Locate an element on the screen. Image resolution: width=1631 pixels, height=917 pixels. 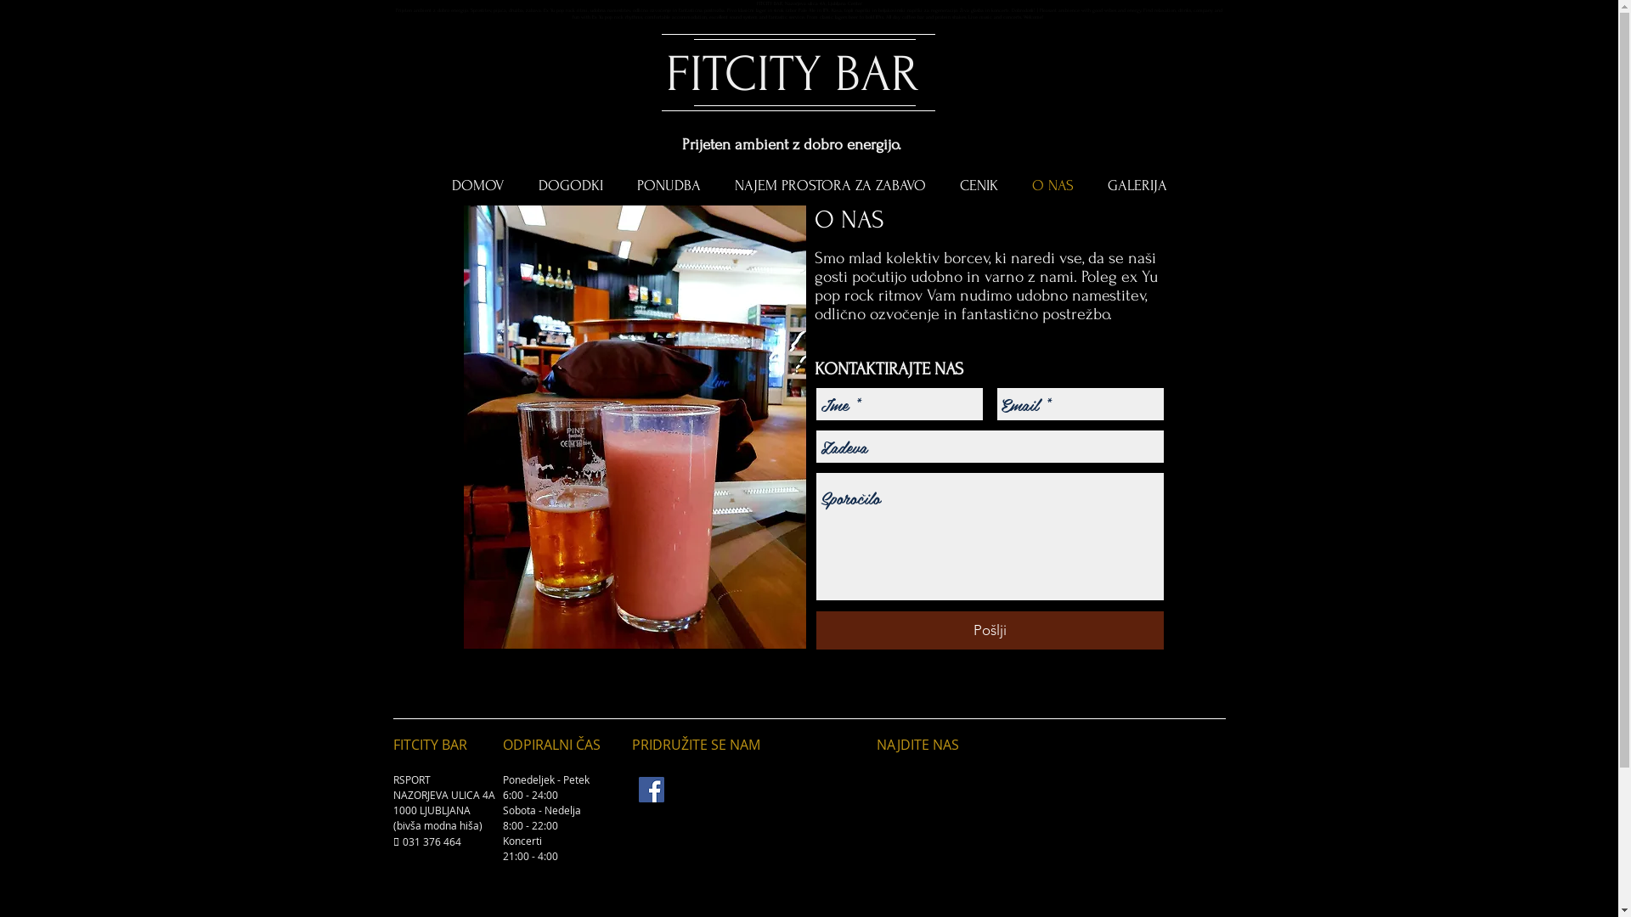
'CENIK' is located at coordinates (979, 186).